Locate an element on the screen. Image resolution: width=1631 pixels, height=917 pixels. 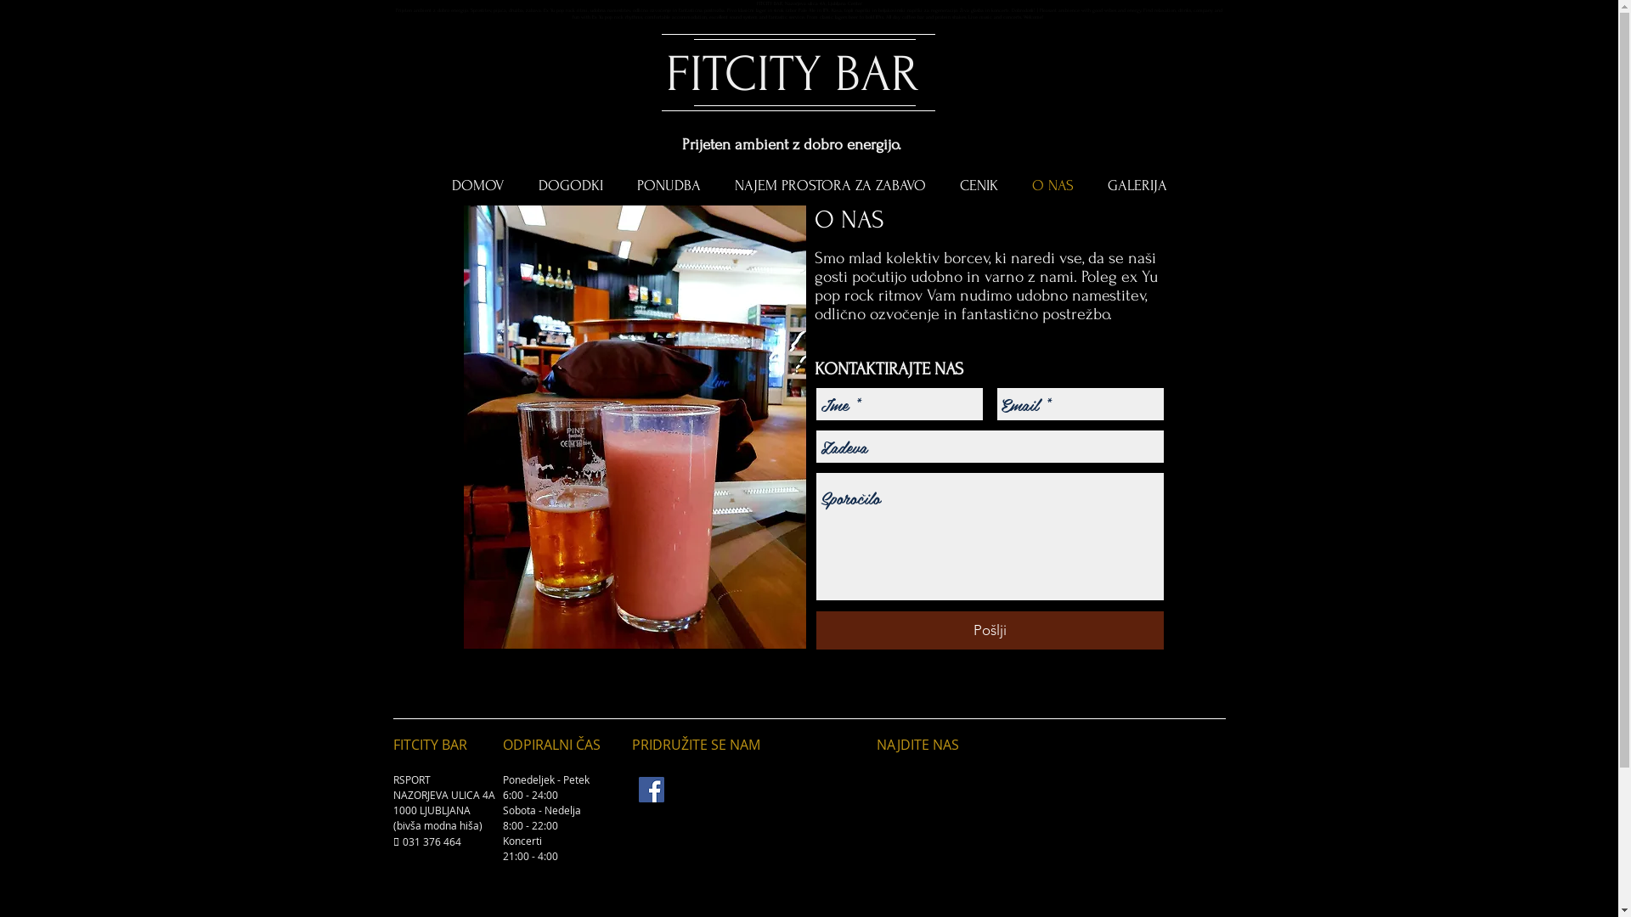
'CENIK' is located at coordinates (979, 186).